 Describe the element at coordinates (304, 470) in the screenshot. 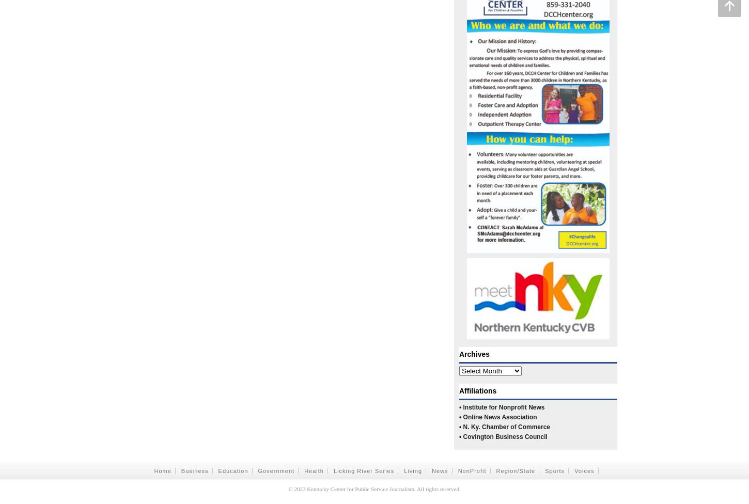

I see `'Health'` at that location.